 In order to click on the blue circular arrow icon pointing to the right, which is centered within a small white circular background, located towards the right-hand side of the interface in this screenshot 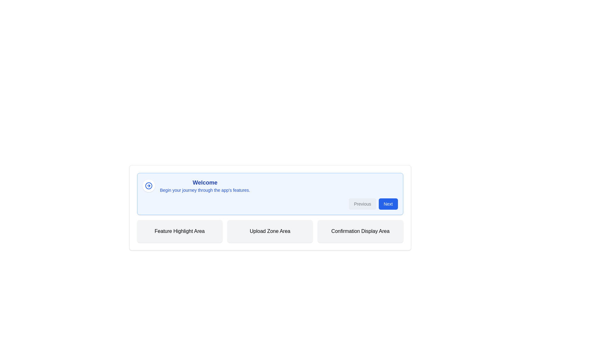, I will do `click(148, 185)`.